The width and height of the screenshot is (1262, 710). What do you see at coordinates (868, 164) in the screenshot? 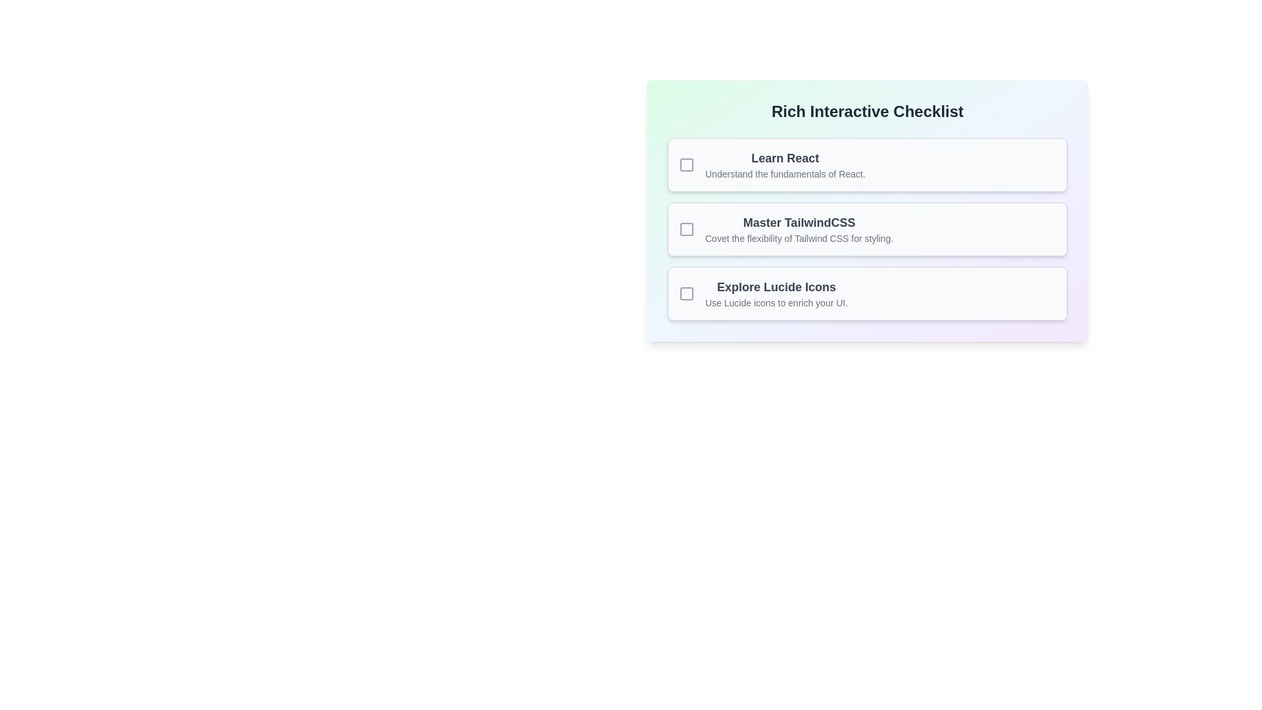
I see `the checkbox of the first checklist item labeled 'Learn React'` at bounding box center [868, 164].